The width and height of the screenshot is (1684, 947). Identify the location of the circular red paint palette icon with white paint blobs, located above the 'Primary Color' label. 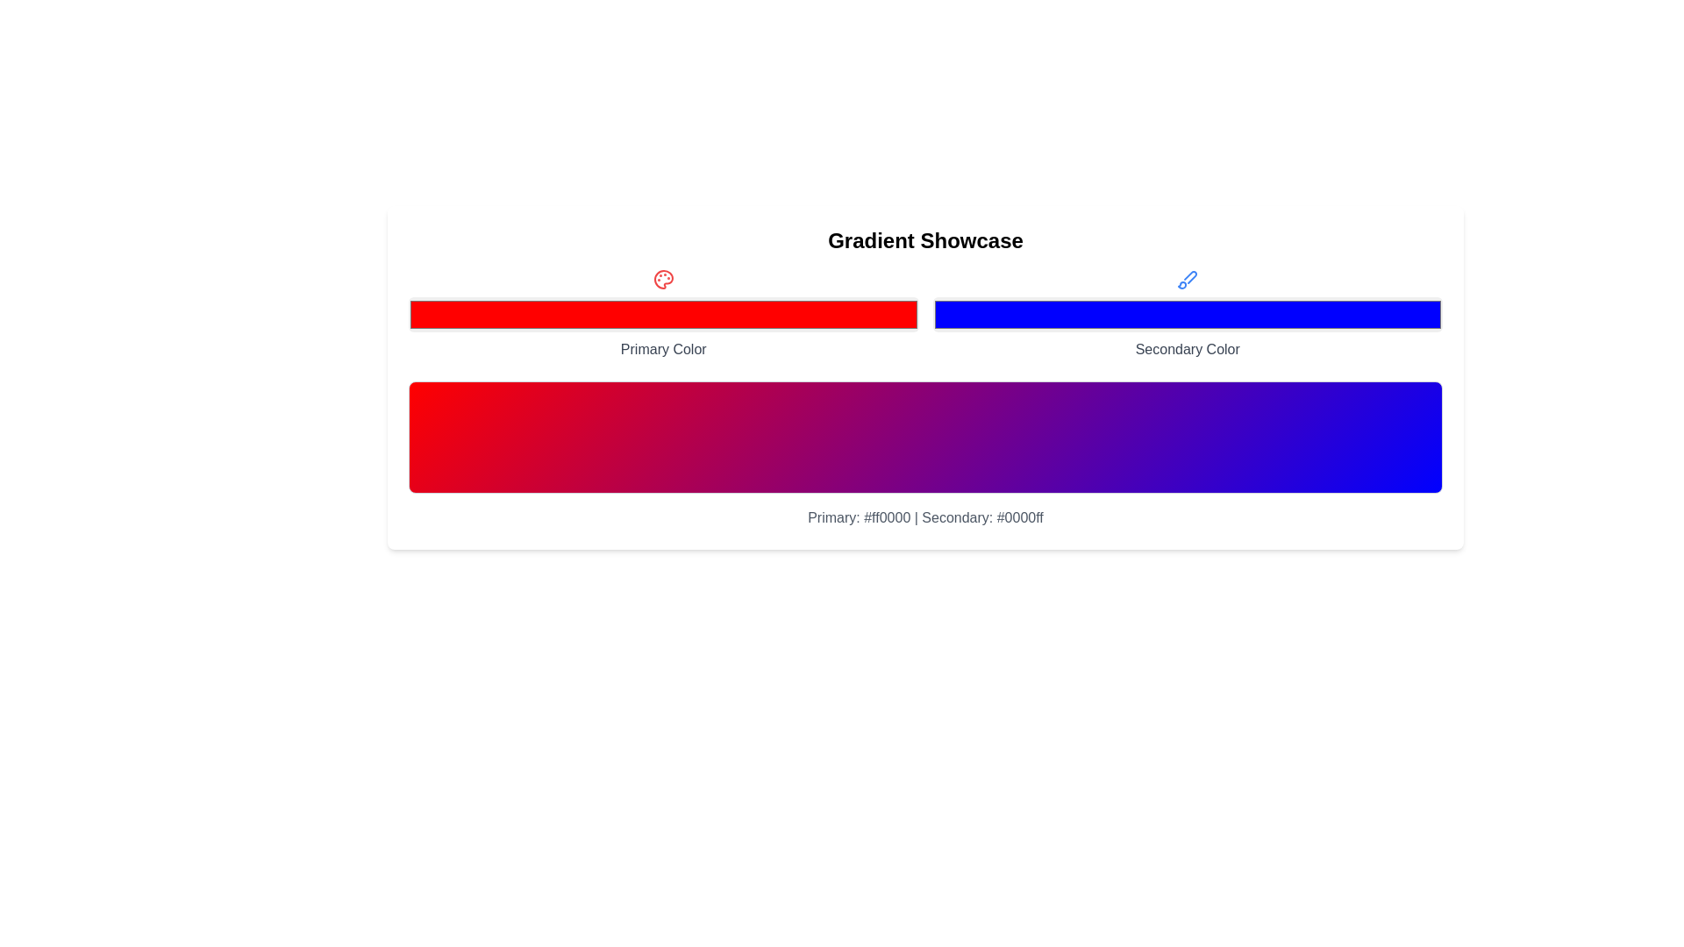
(662, 279).